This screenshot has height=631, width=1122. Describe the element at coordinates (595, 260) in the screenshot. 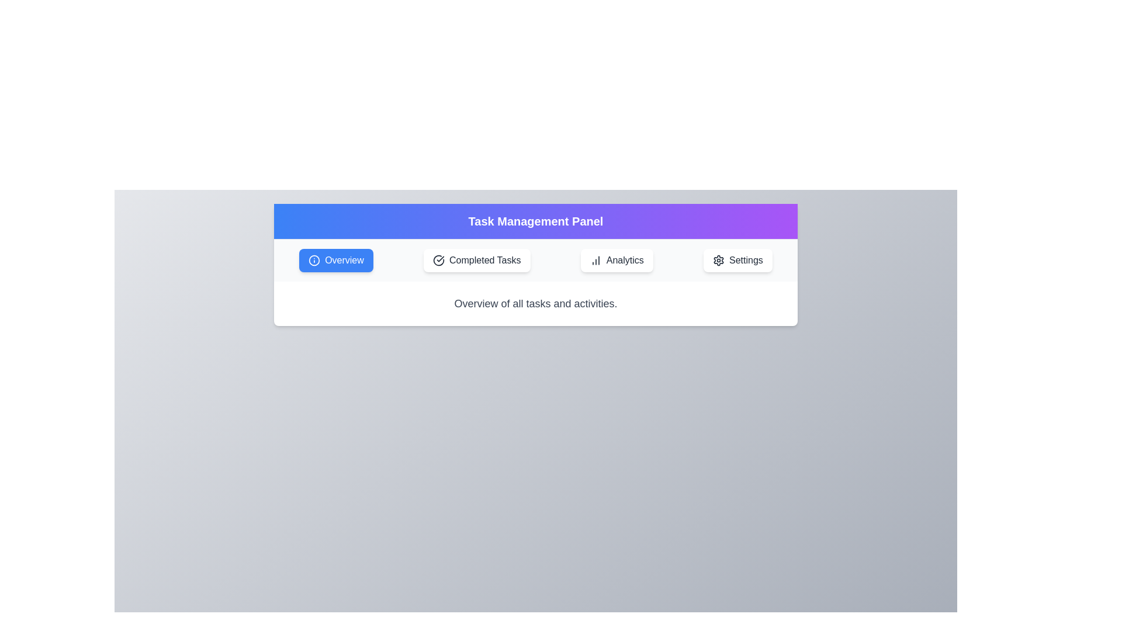

I see `the 'Analytics' icon located in the top navigation bar, which is adjacent to the text 'Analytics' and is the third button from the left` at that location.